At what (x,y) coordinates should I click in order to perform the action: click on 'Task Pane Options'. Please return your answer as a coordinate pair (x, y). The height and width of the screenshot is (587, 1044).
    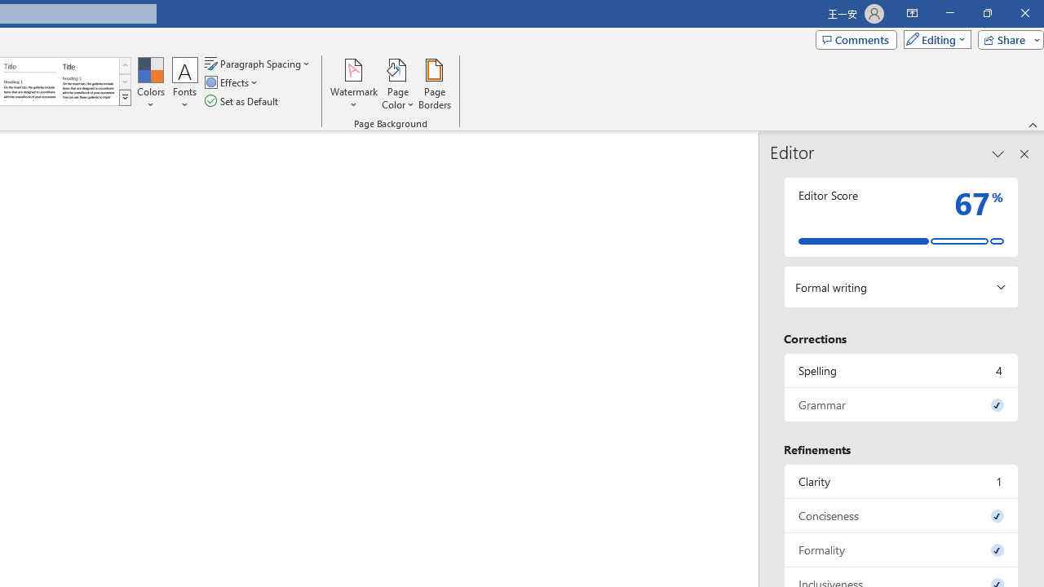
    Looking at the image, I should click on (998, 154).